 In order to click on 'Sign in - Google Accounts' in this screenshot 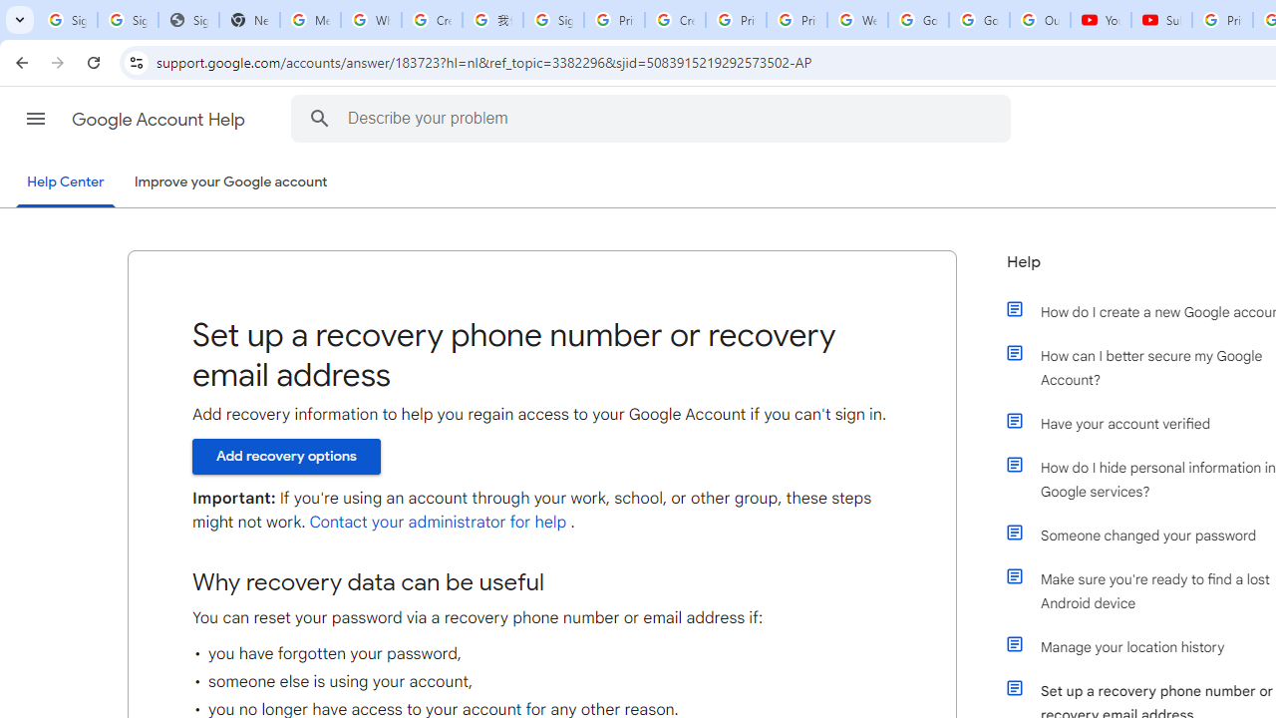, I will do `click(553, 20)`.